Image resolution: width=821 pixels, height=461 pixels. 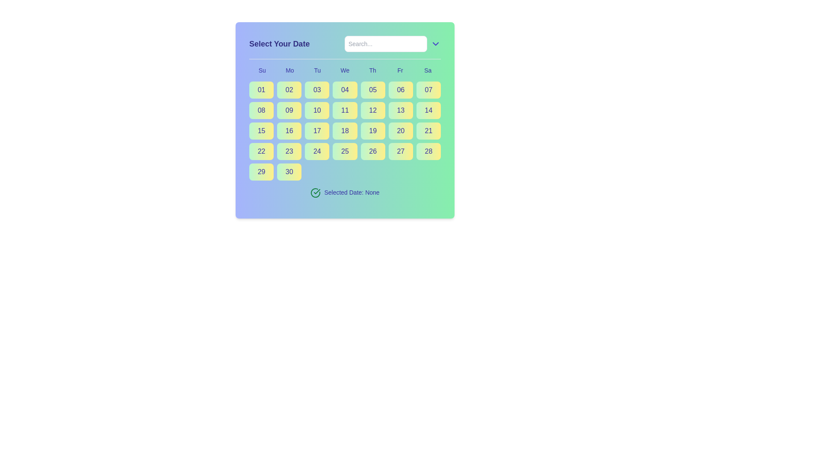 I want to click on the grid cell button that represents the number '14', which is located in the second row and seventh column of the calendar interface, so click(x=428, y=110).